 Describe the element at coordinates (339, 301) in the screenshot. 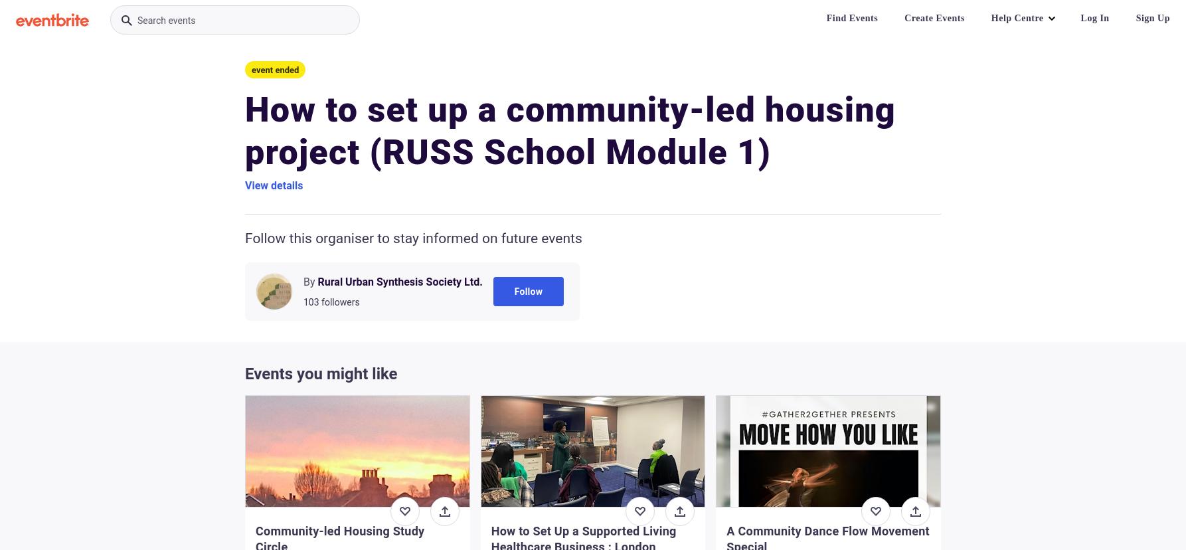

I see `'followers'` at that location.